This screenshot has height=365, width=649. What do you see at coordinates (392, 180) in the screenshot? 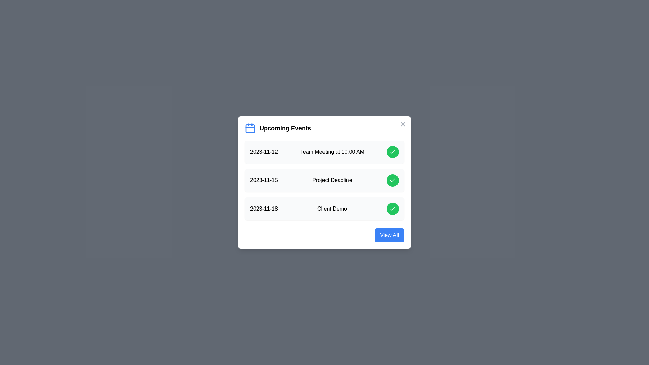
I see `green check button for the event Project Deadline` at bounding box center [392, 180].